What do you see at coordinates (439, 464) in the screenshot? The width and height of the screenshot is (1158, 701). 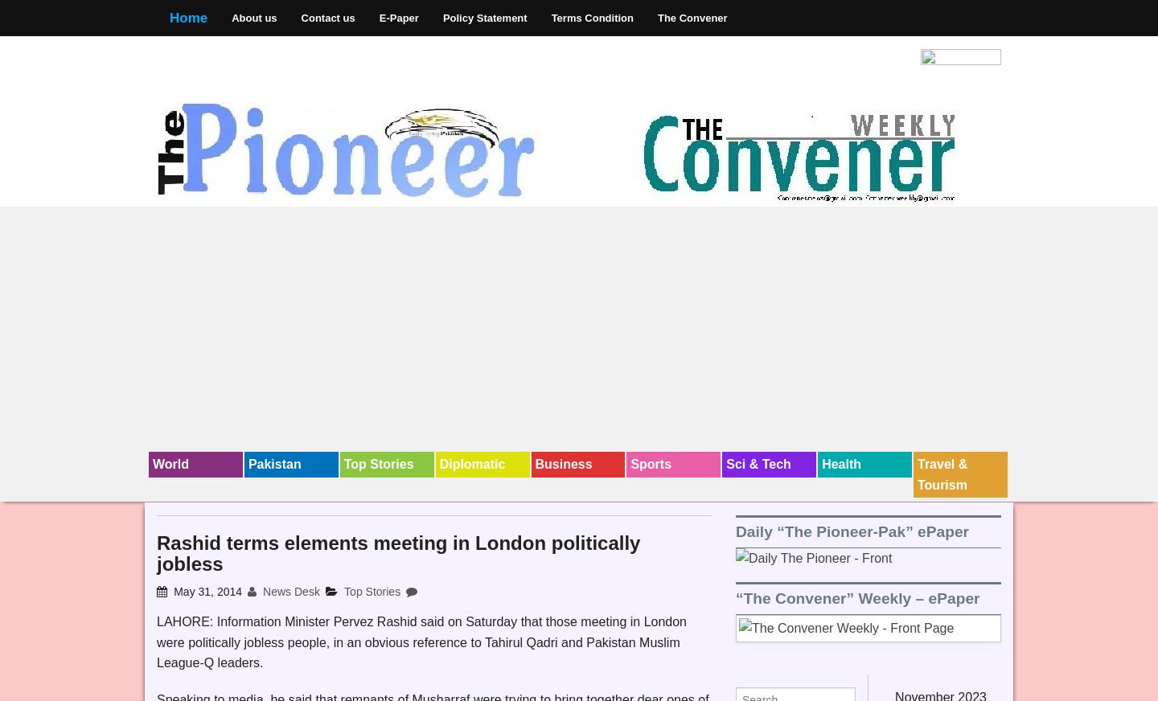 I see `'Diplomatic'` at bounding box center [439, 464].